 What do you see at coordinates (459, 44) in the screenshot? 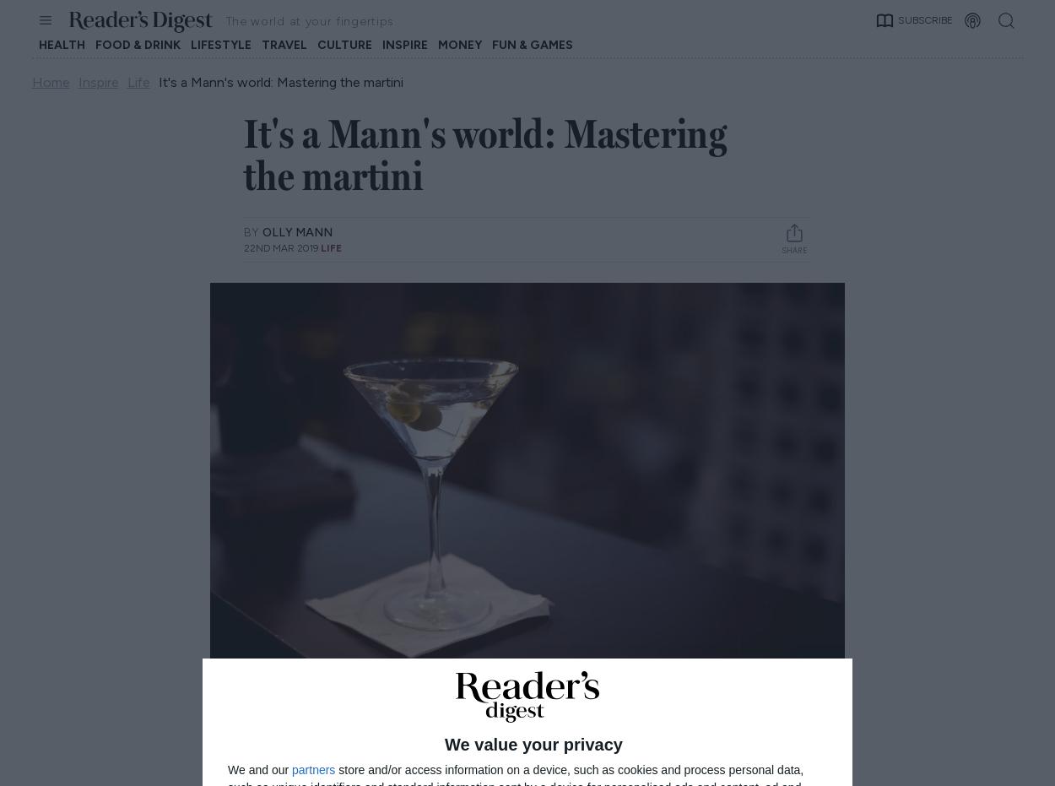
I see `'Money'` at bounding box center [459, 44].